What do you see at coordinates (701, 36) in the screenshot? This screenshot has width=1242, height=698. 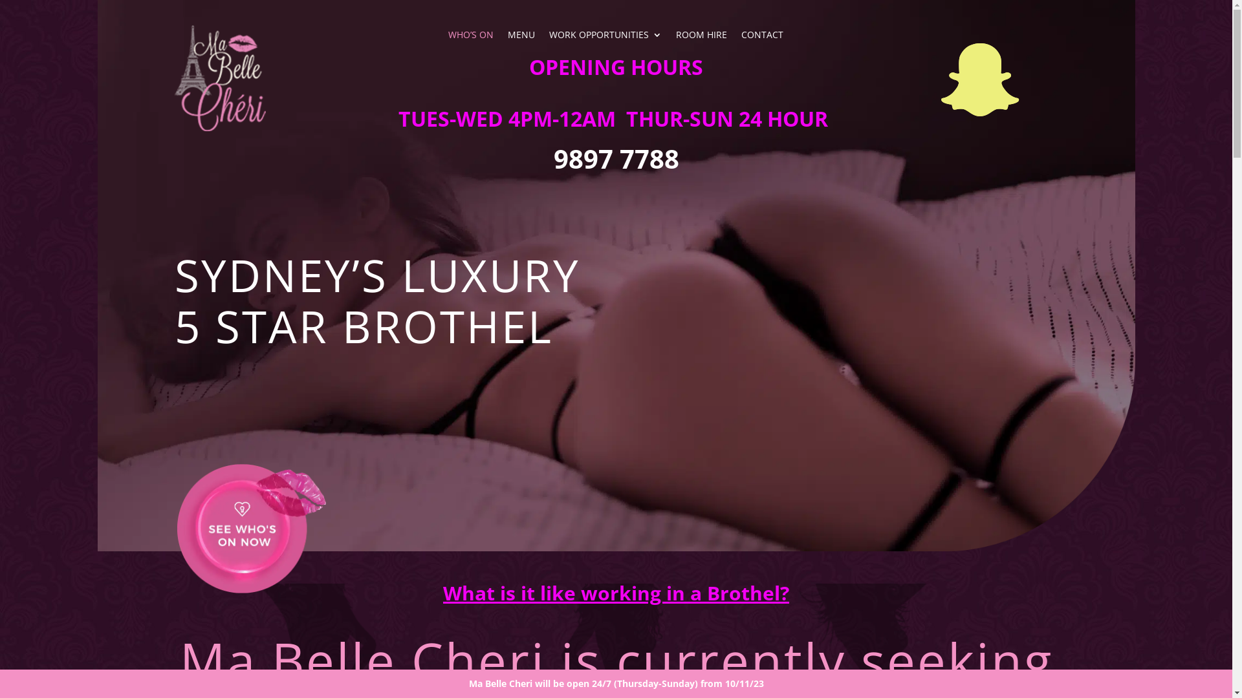 I see `'ROOM HIRE'` at bounding box center [701, 36].